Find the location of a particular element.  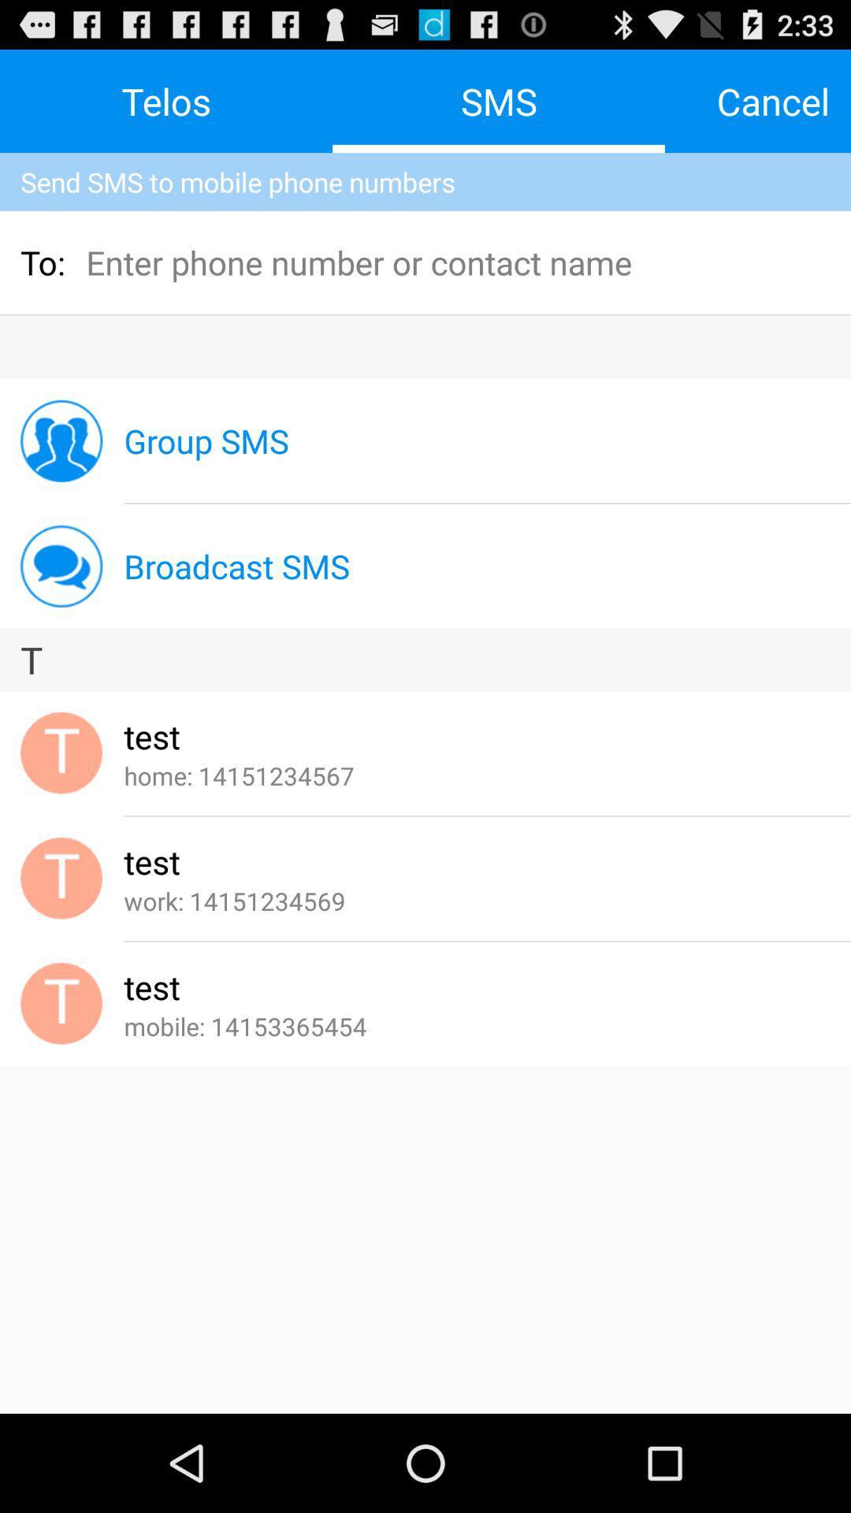

the app below the test is located at coordinates (245, 1026).